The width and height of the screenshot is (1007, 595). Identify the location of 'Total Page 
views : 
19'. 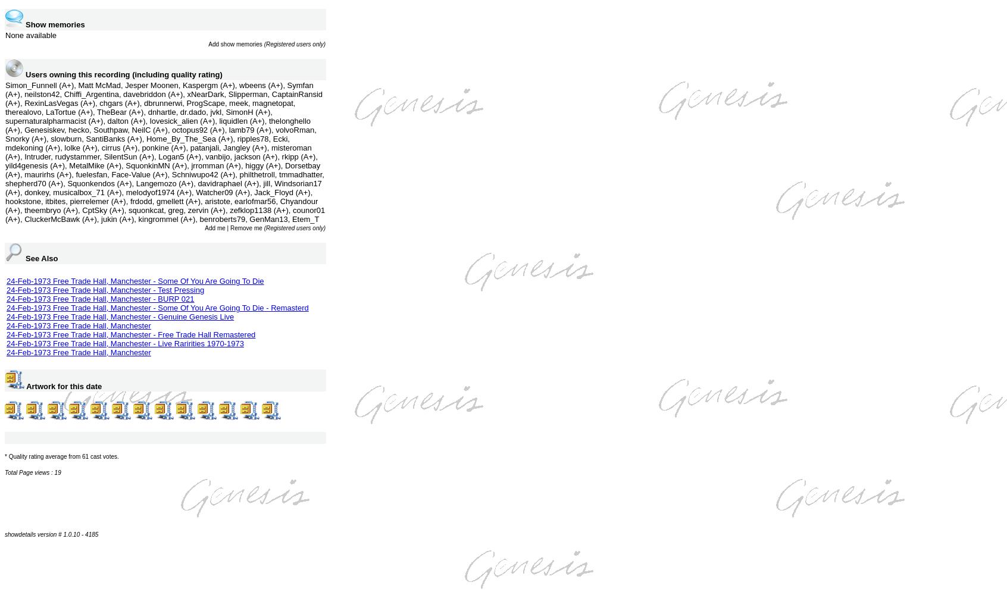
(32, 472).